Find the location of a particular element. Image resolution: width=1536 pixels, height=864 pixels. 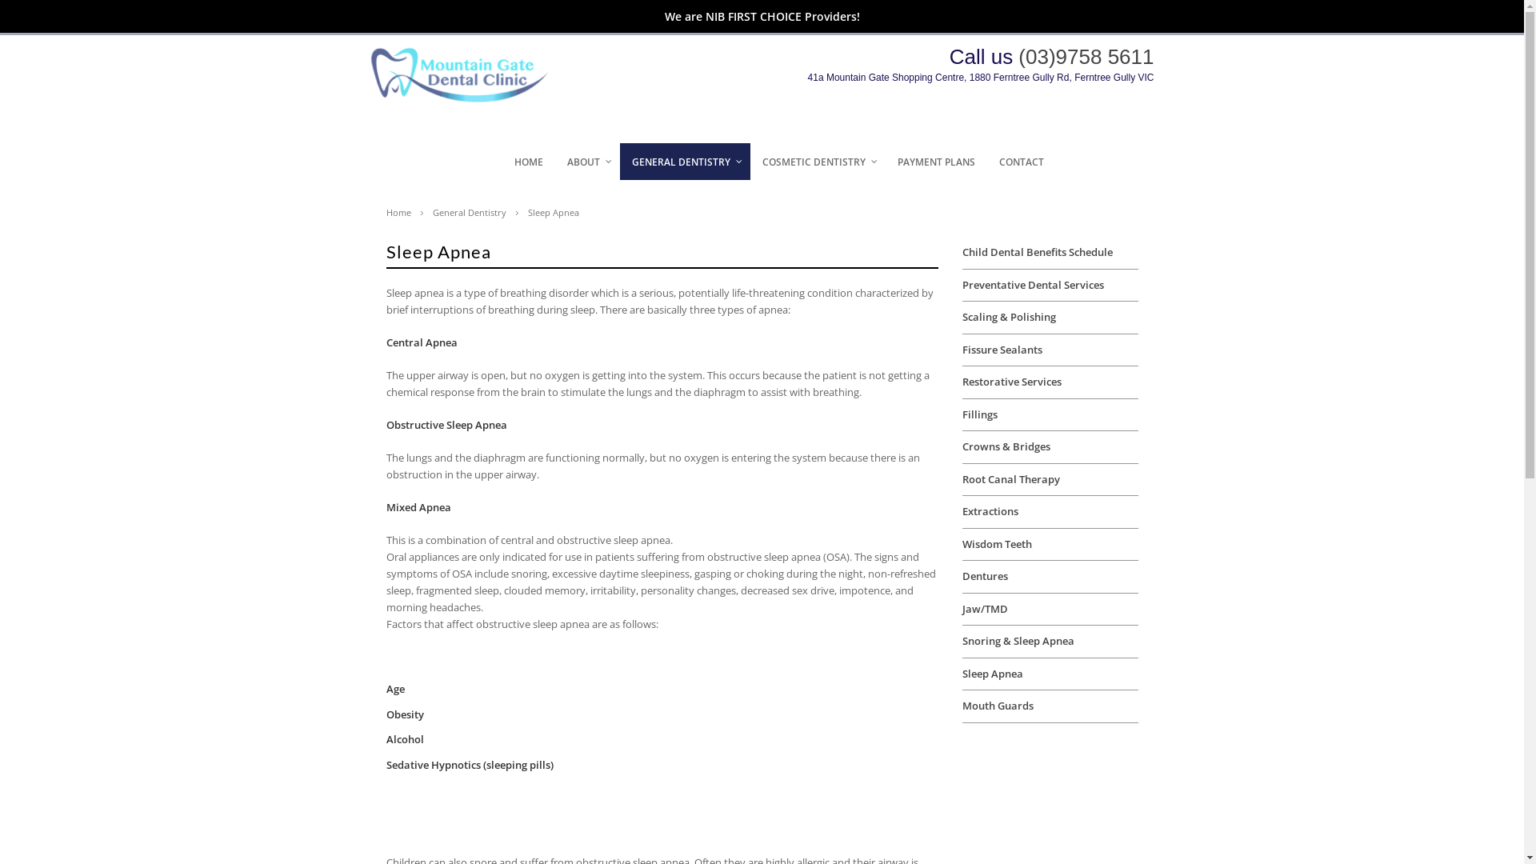

'Child Dental Benefits Schedule' is located at coordinates (1037, 252).